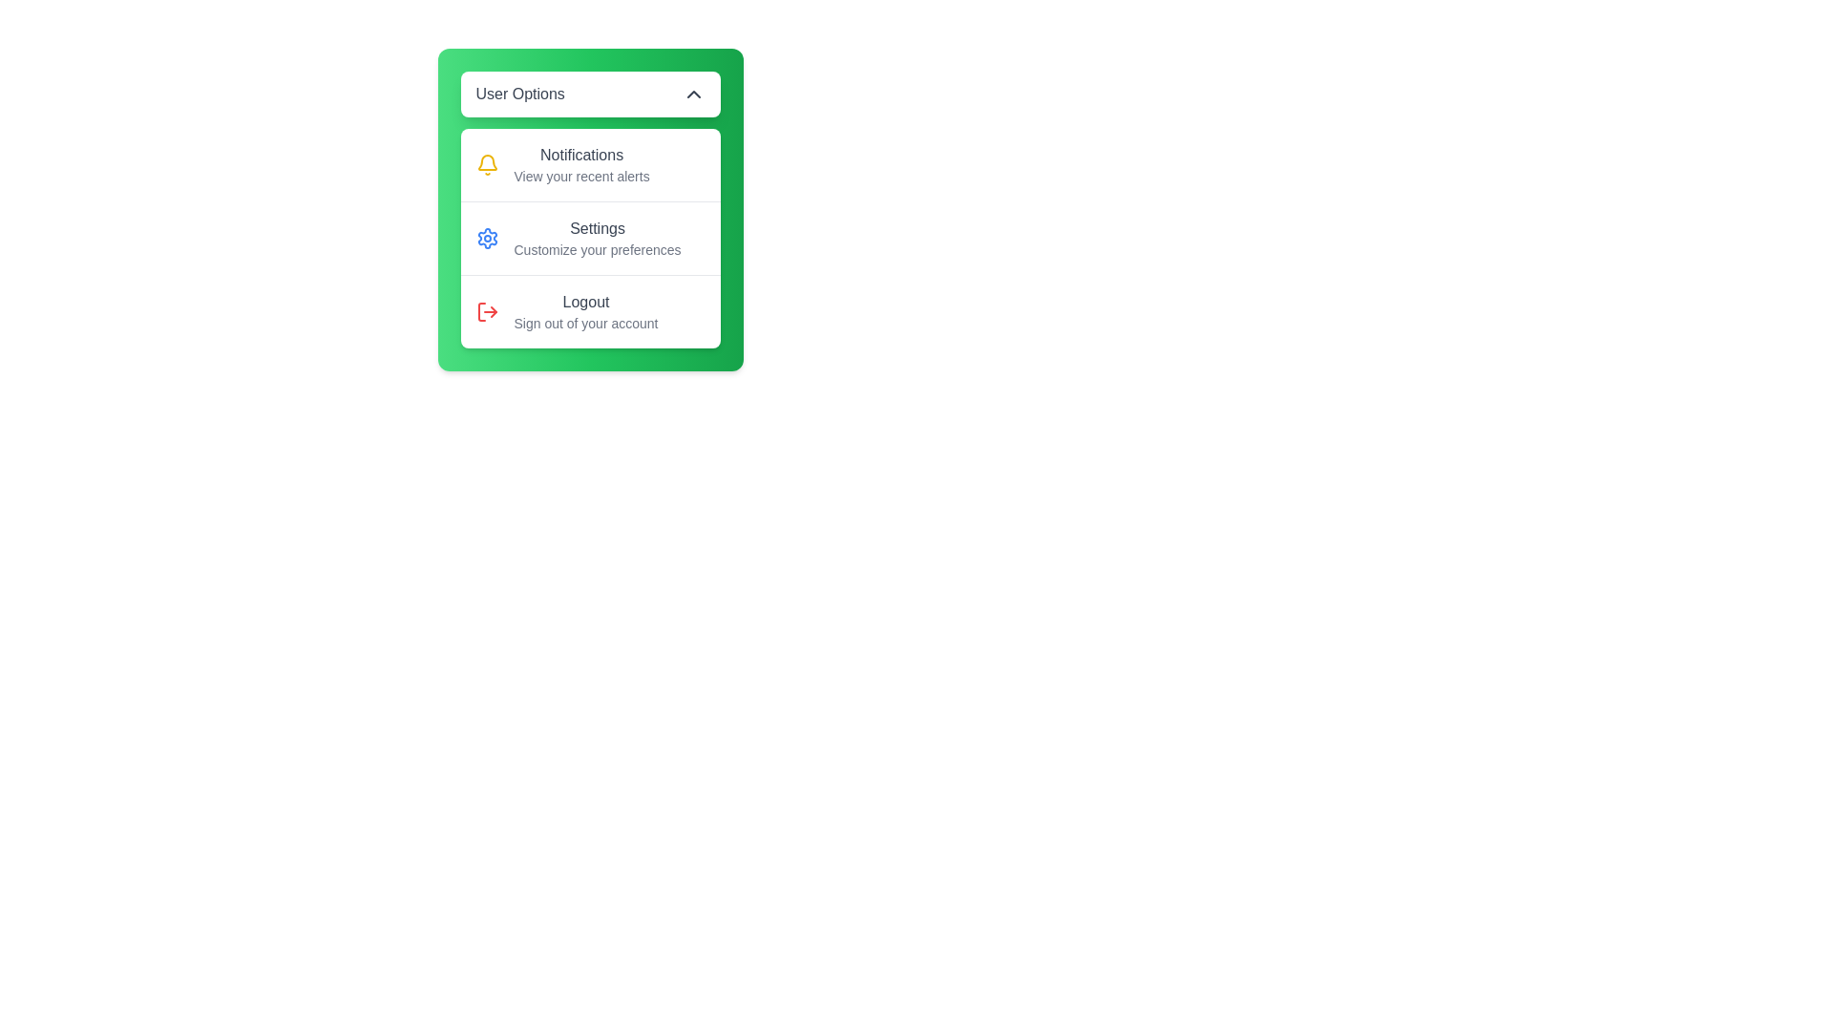 Image resolution: width=1833 pixels, height=1031 pixels. What do you see at coordinates (487, 311) in the screenshot?
I see `the red logout icon located in the bottom row of the options panel, which features an arrow pointing outward from a rectangle and is labeled 'Logout'` at bounding box center [487, 311].